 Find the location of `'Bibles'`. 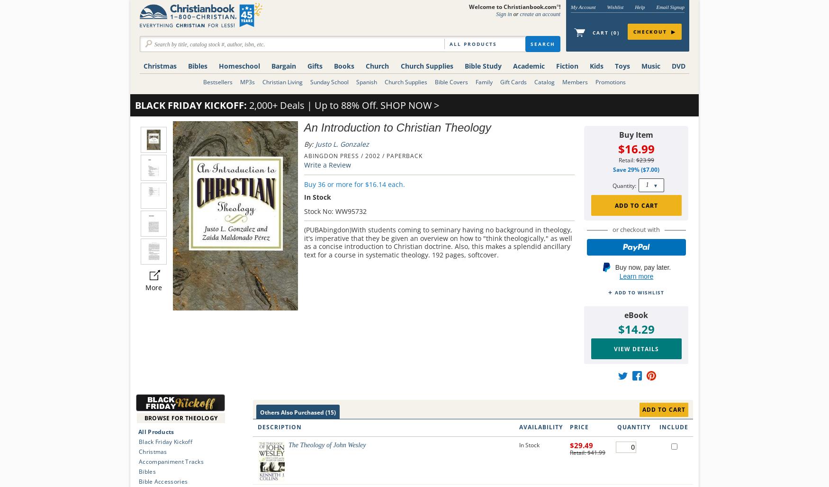

'Bibles' is located at coordinates (188, 65).